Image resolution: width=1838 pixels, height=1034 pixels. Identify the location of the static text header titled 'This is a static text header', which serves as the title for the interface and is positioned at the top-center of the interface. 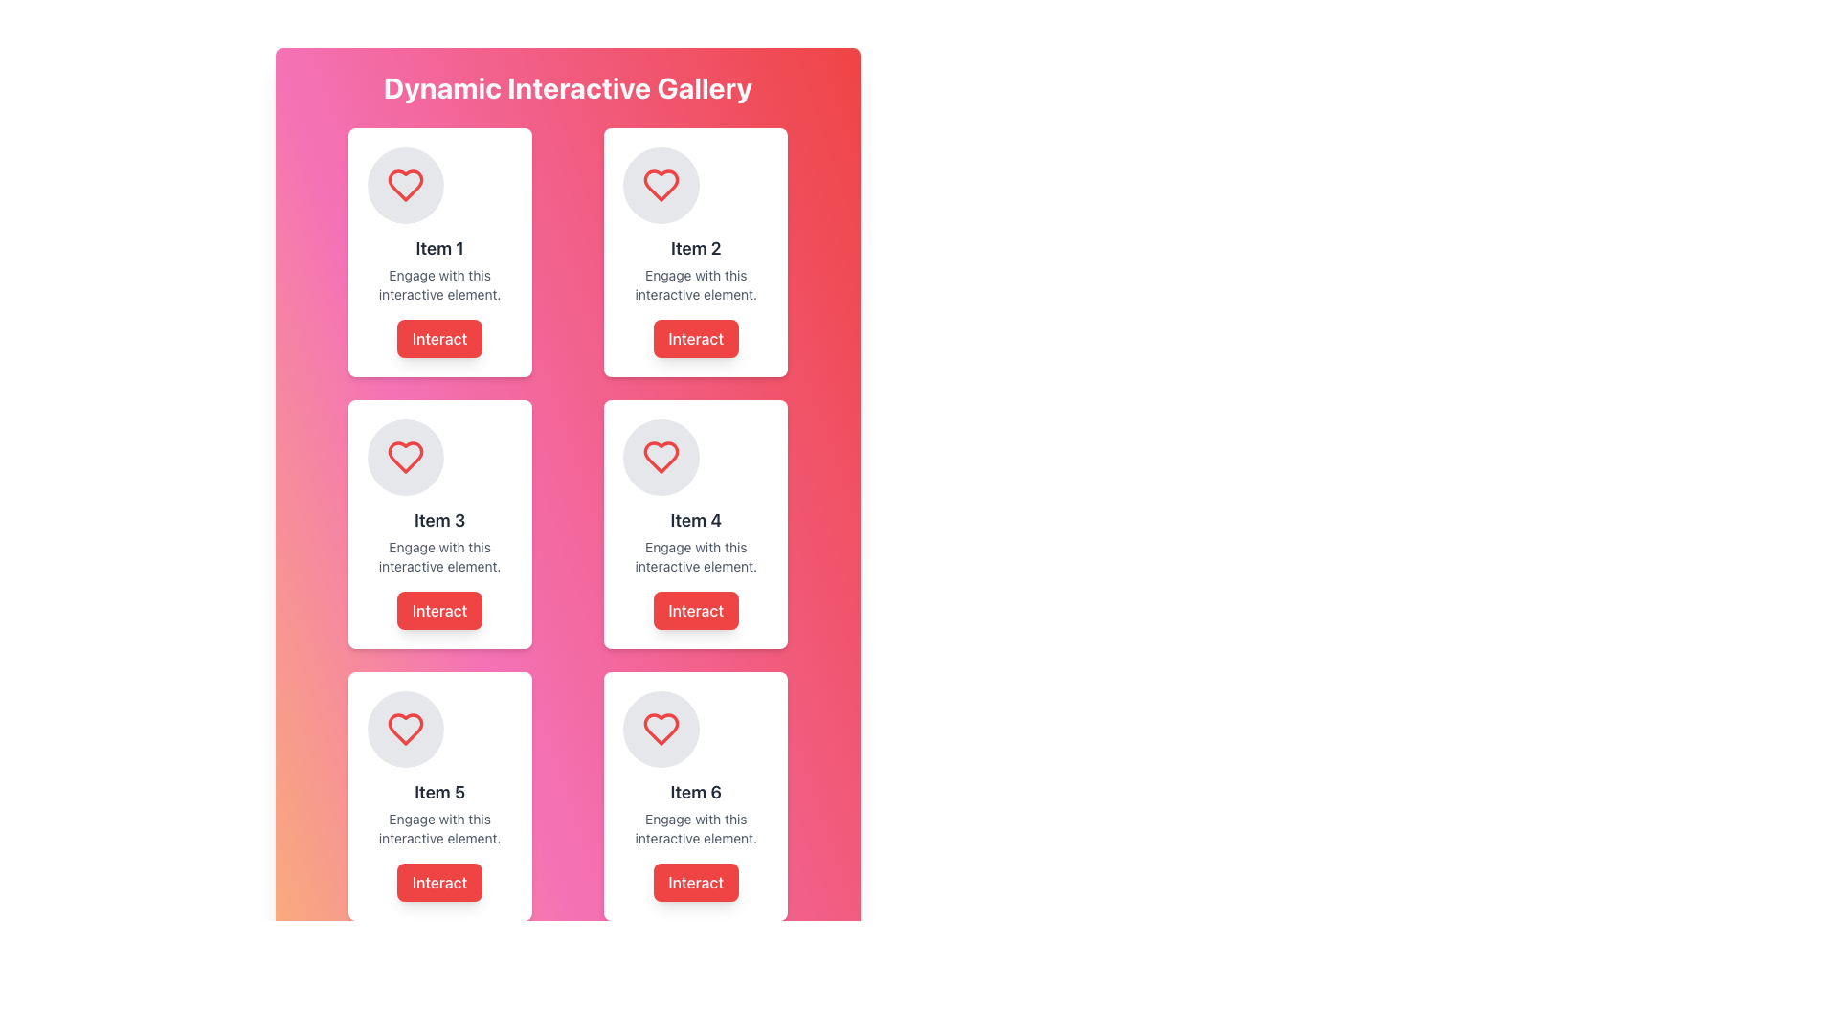
(567, 88).